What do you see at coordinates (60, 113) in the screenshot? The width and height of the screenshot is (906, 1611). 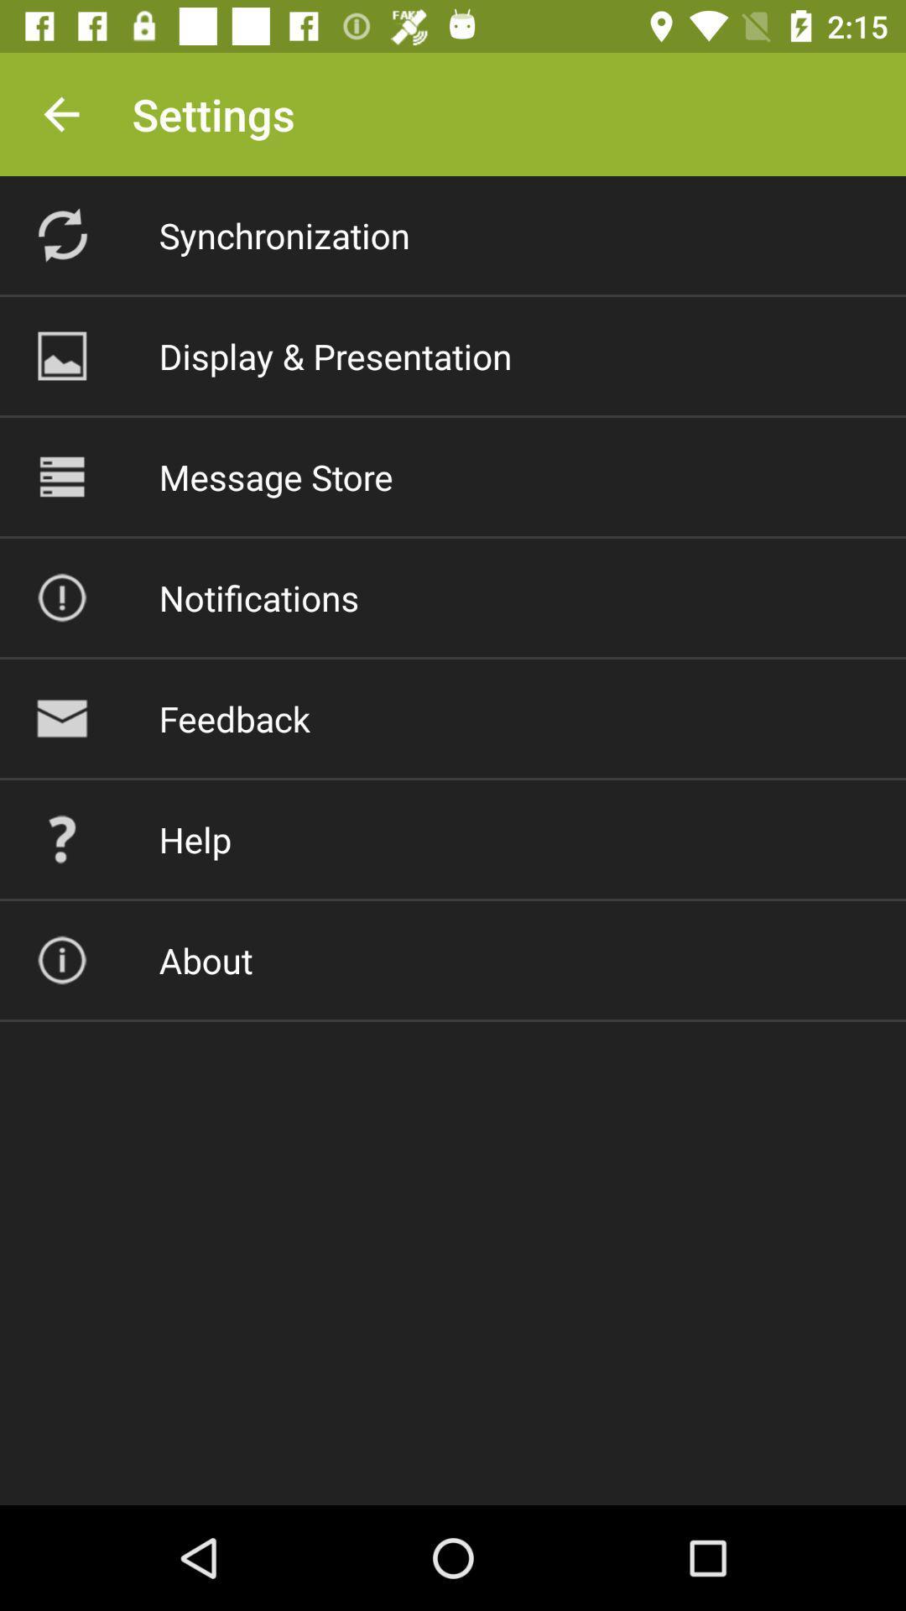 I see `the icon next to settings icon` at bounding box center [60, 113].